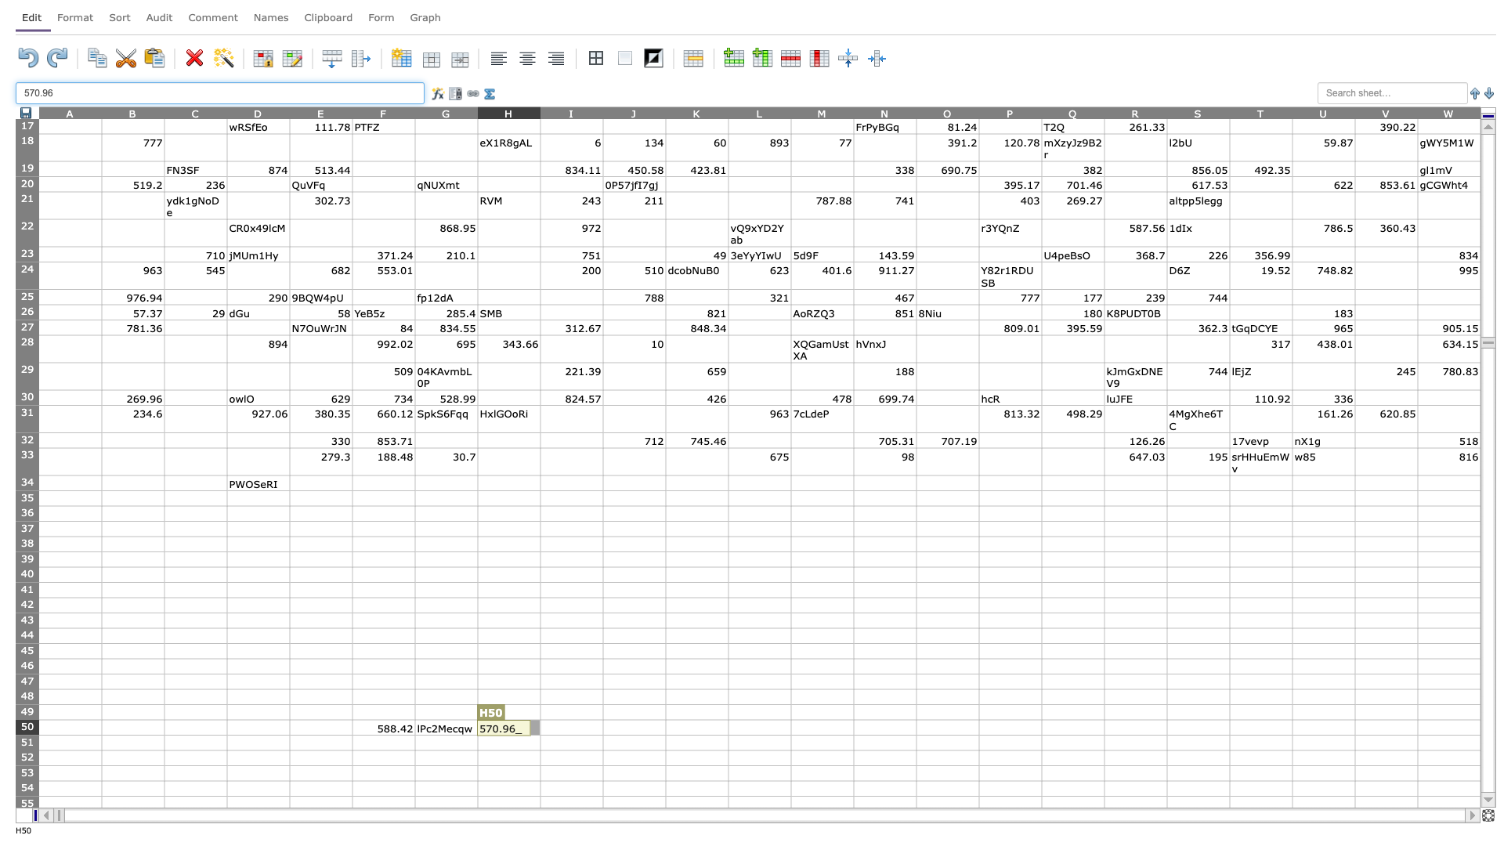  What do you see at coordinates (602, 719) in the screenshot?
I see `Top left corner of cell J-50` at bounding box center [602, 719].